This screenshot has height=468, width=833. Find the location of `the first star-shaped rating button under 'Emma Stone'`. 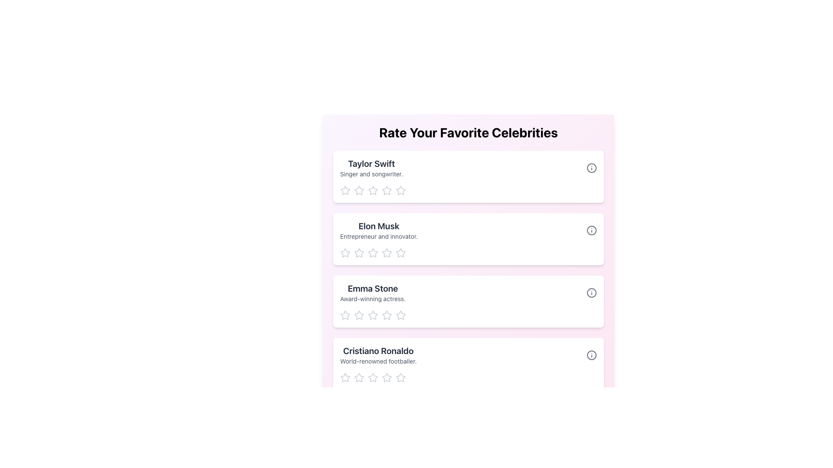

the first star-shaped rating button under 'Emma Stone' is located at coordinates (359, 315).